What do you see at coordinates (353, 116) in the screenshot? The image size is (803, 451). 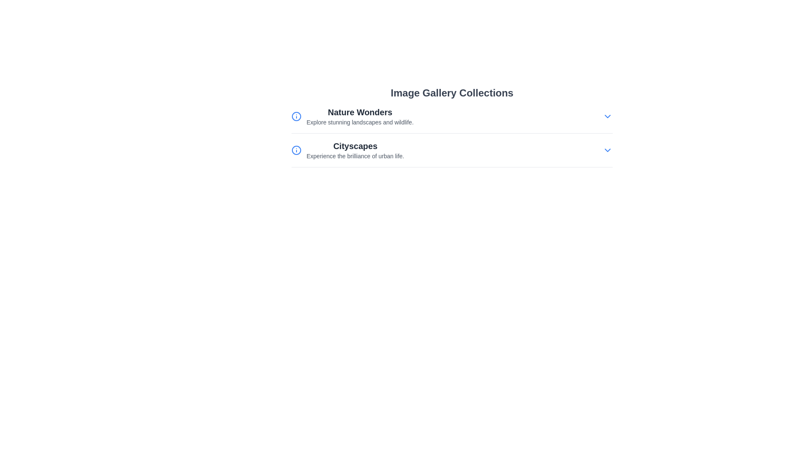 I see `the first CategoryCard representing a collection of nature and wildlife images, located just below the 'Image Gallery Collections' title` at bounding box center [353, 116].